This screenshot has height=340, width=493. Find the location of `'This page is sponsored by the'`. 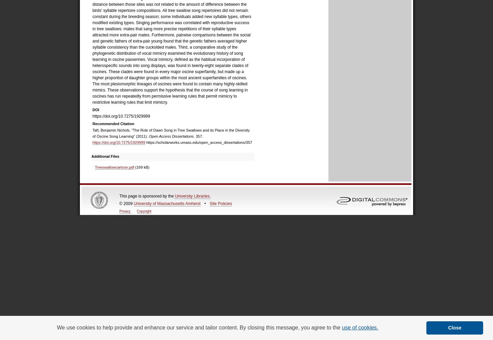

'This page is sponsored by the' is located at coordinates (146, 195).